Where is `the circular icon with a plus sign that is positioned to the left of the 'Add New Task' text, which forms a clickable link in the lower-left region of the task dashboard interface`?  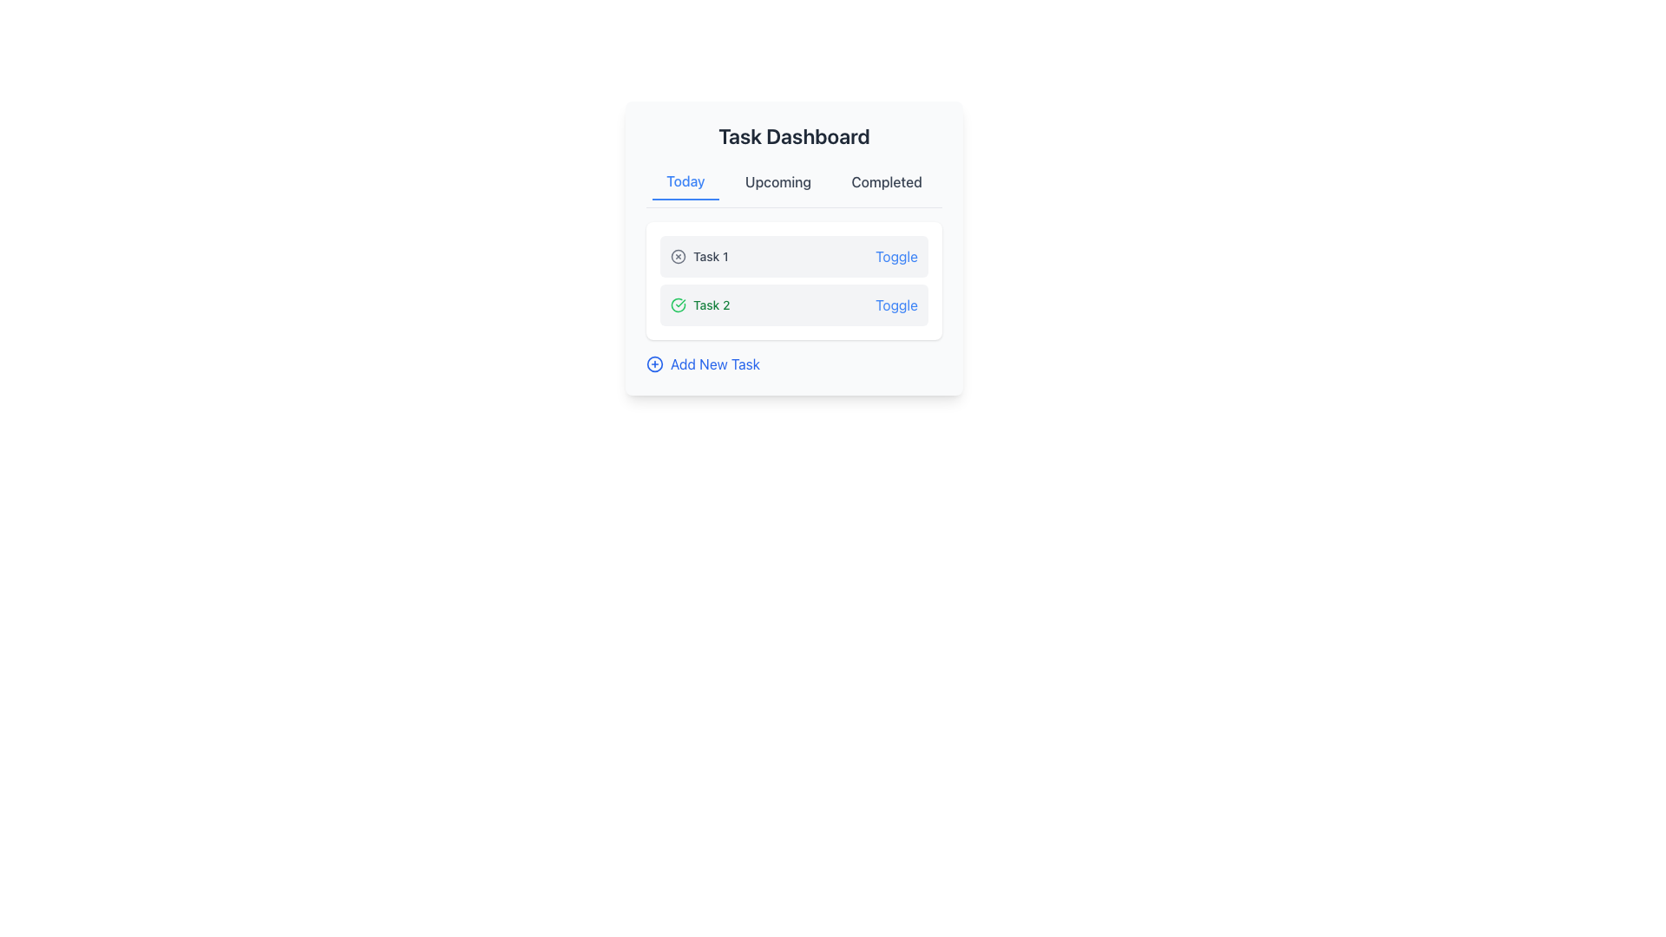
the circular icon with a plus sign that is positioned to the left of the 'Add New Task' text, which forms a clickable link in the lower-left region of the task dashboard interface is located at coordinates (653, 364).